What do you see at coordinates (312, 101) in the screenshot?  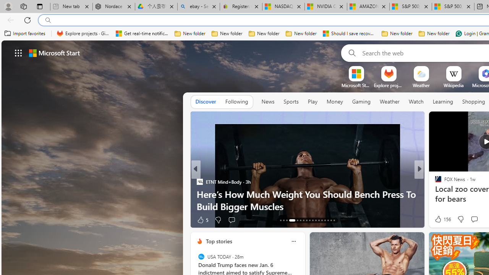 I see `'Play'` at bounding box center [312, 101].